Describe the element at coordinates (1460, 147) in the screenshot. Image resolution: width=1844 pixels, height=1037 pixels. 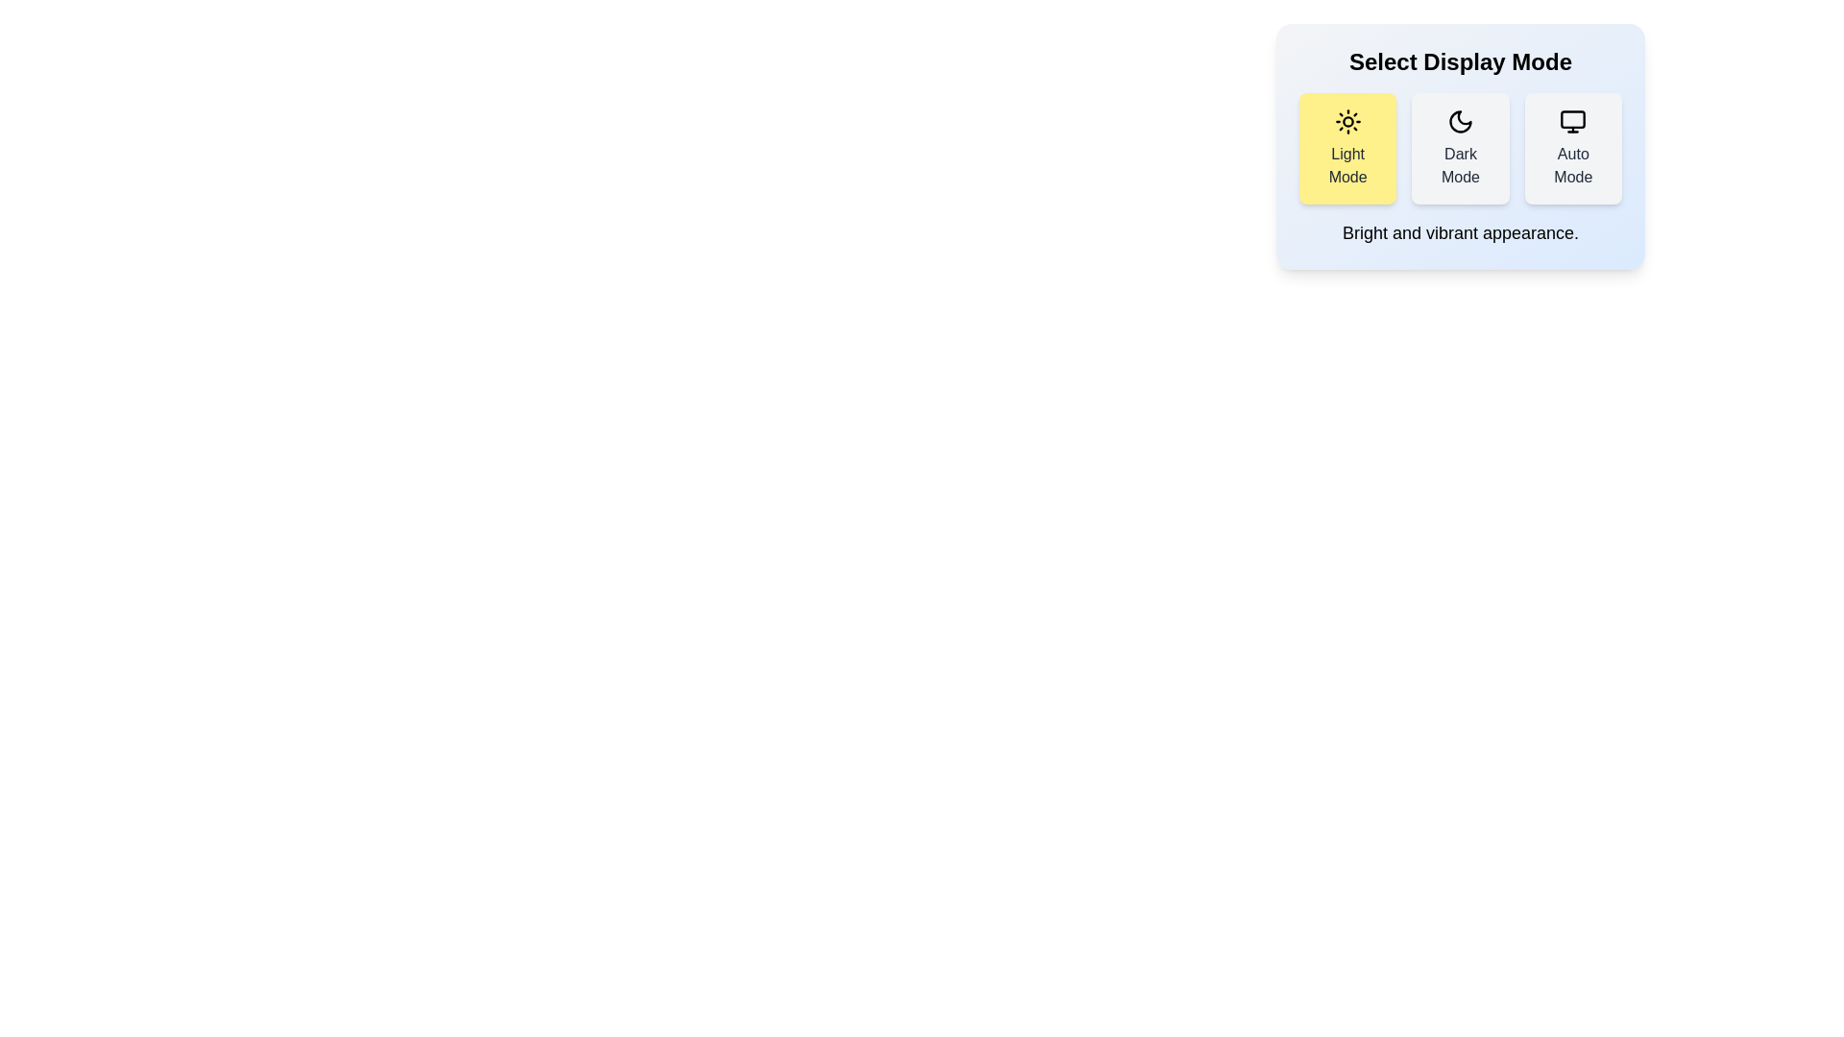
I see `the Dark Mode button to view its hover effect` at that location.